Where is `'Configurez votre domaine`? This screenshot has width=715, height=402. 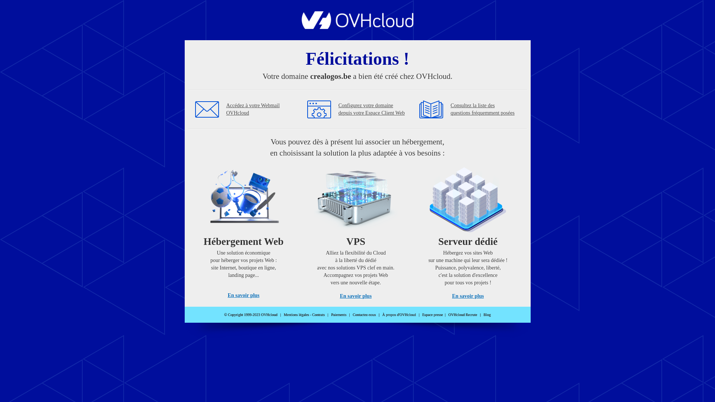 'Configurez votre domaine is located at coordinates (372, 109).